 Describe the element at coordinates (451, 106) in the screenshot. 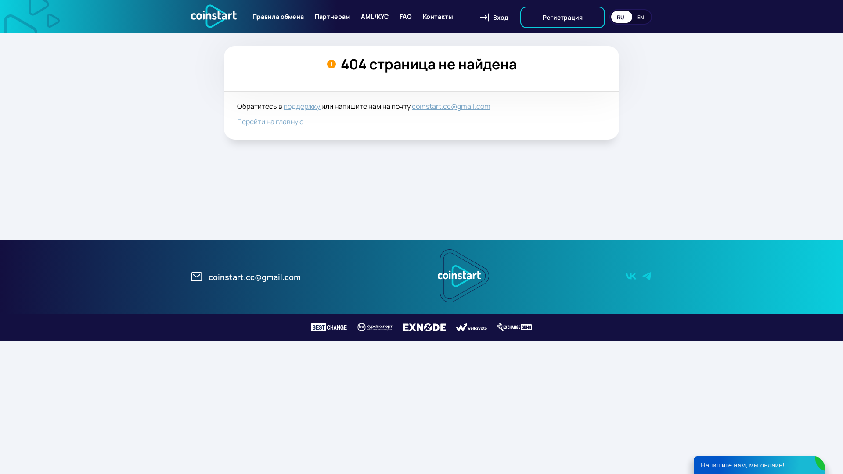

I see `'coinstart.cc@gmail.com'` at that location.